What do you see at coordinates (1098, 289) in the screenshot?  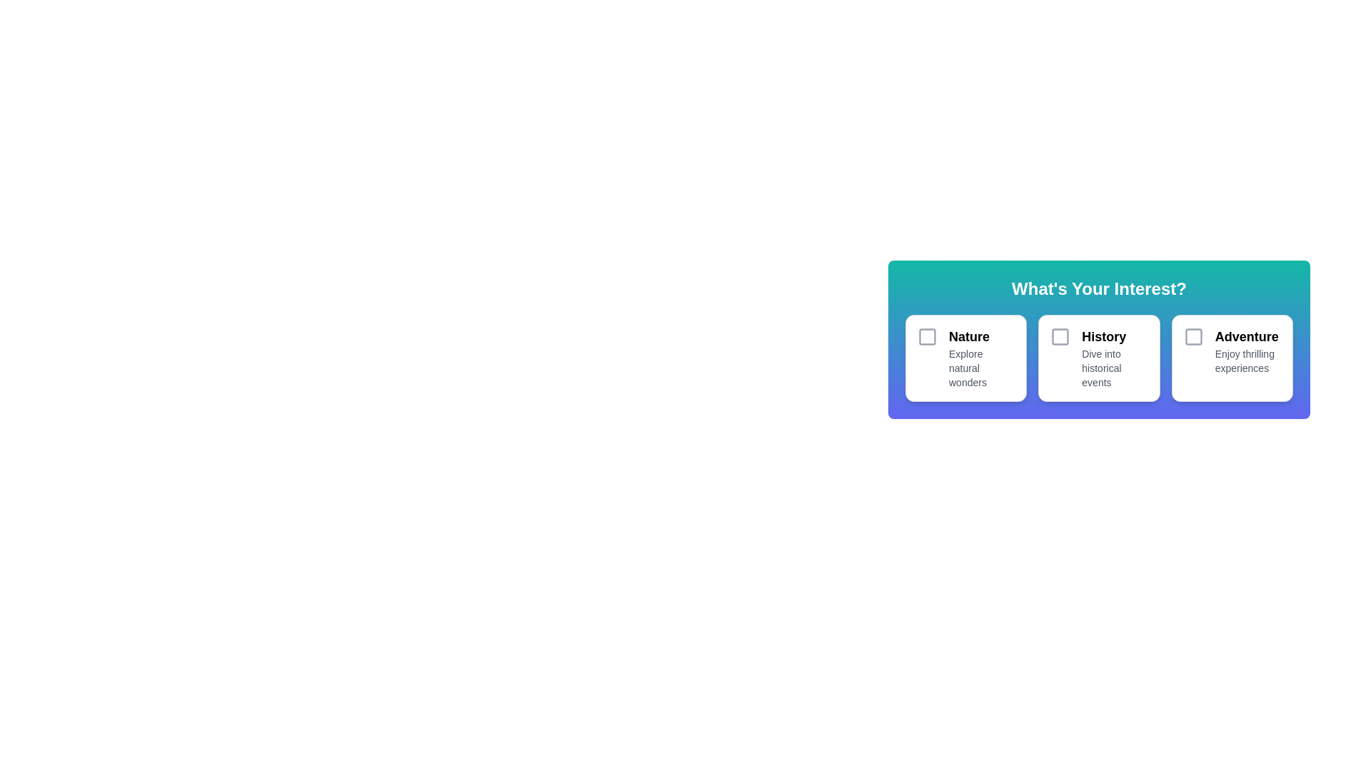 I see `the text label displaying 'What's Your Interest?' which is prominently styled in bold, large white font over a gradient background` at bounding box center [1098, 289].